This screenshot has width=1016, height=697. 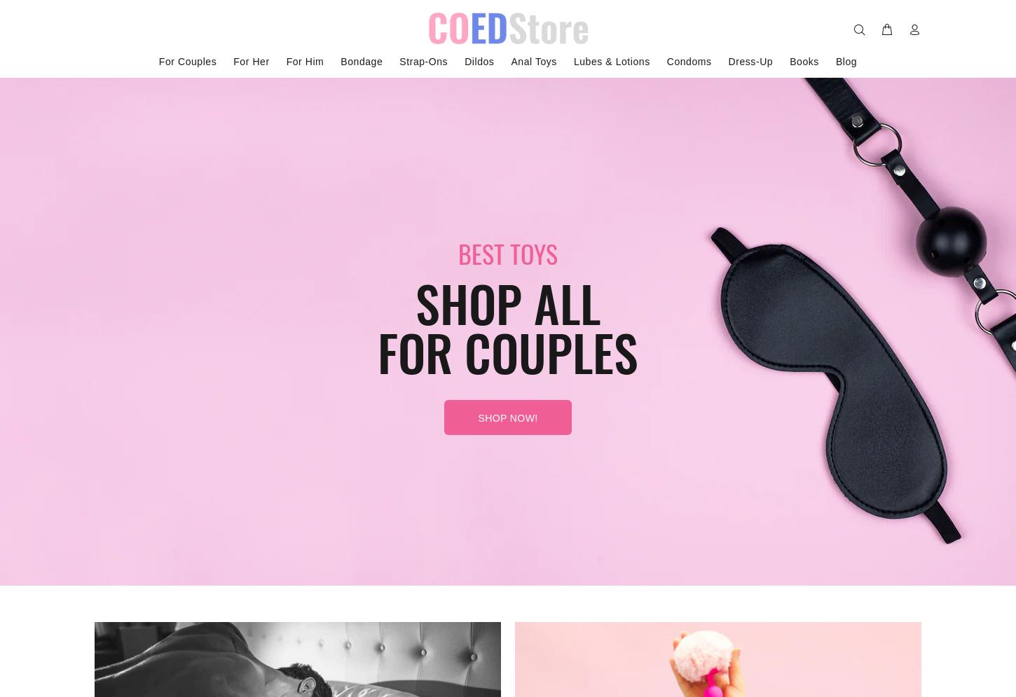 I want to click on 'Dress-Up', so click(x=728, y=61).